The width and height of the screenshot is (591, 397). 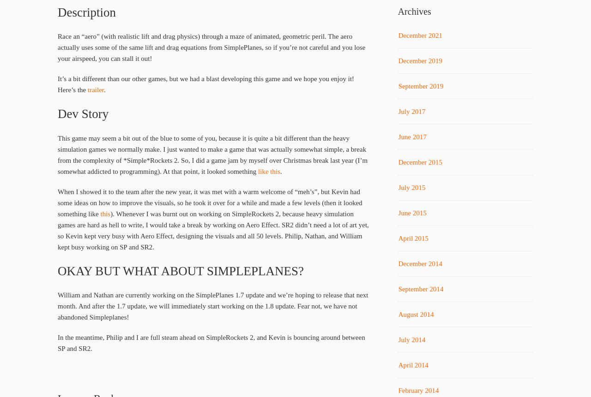 I want to click on 'July 2015', so click(x=411, y=187).